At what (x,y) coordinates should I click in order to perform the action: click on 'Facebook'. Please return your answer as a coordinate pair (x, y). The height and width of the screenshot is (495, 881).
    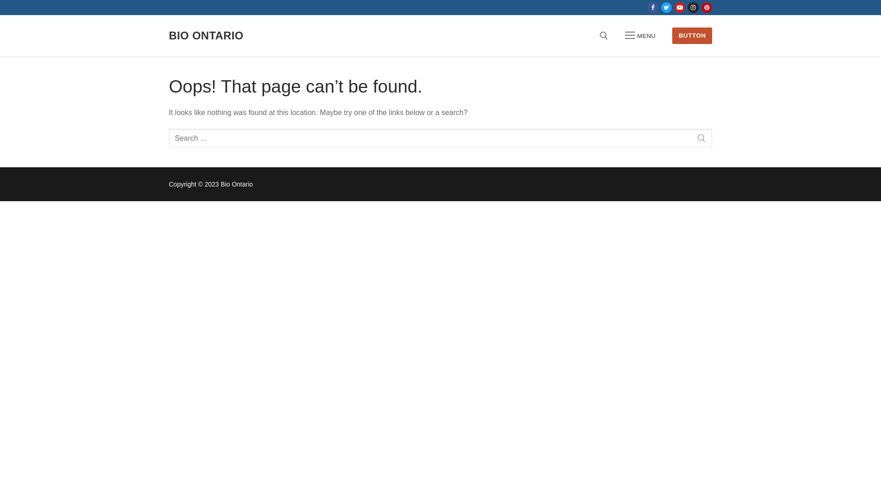
    Looking at the image, I should click on (652, 7).